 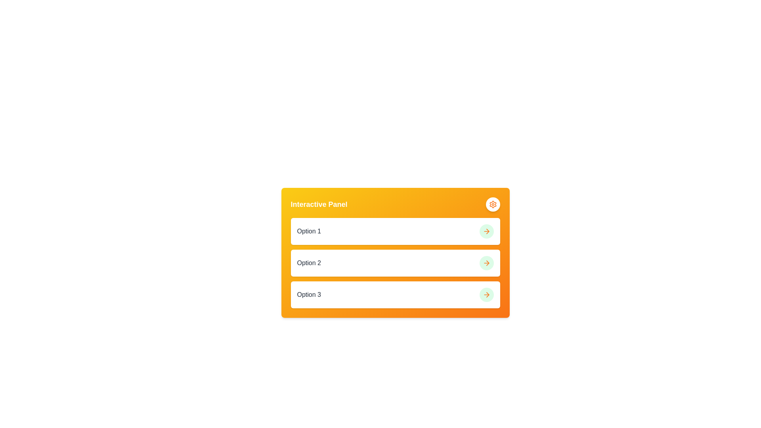 What do you see at coordinates (487, 231) in the screenshot?
I see `the small, right-pointing orange arrow icon in the second row of icons, located to the right of the 'Option 2' text label` at bounding box center [487, 231].